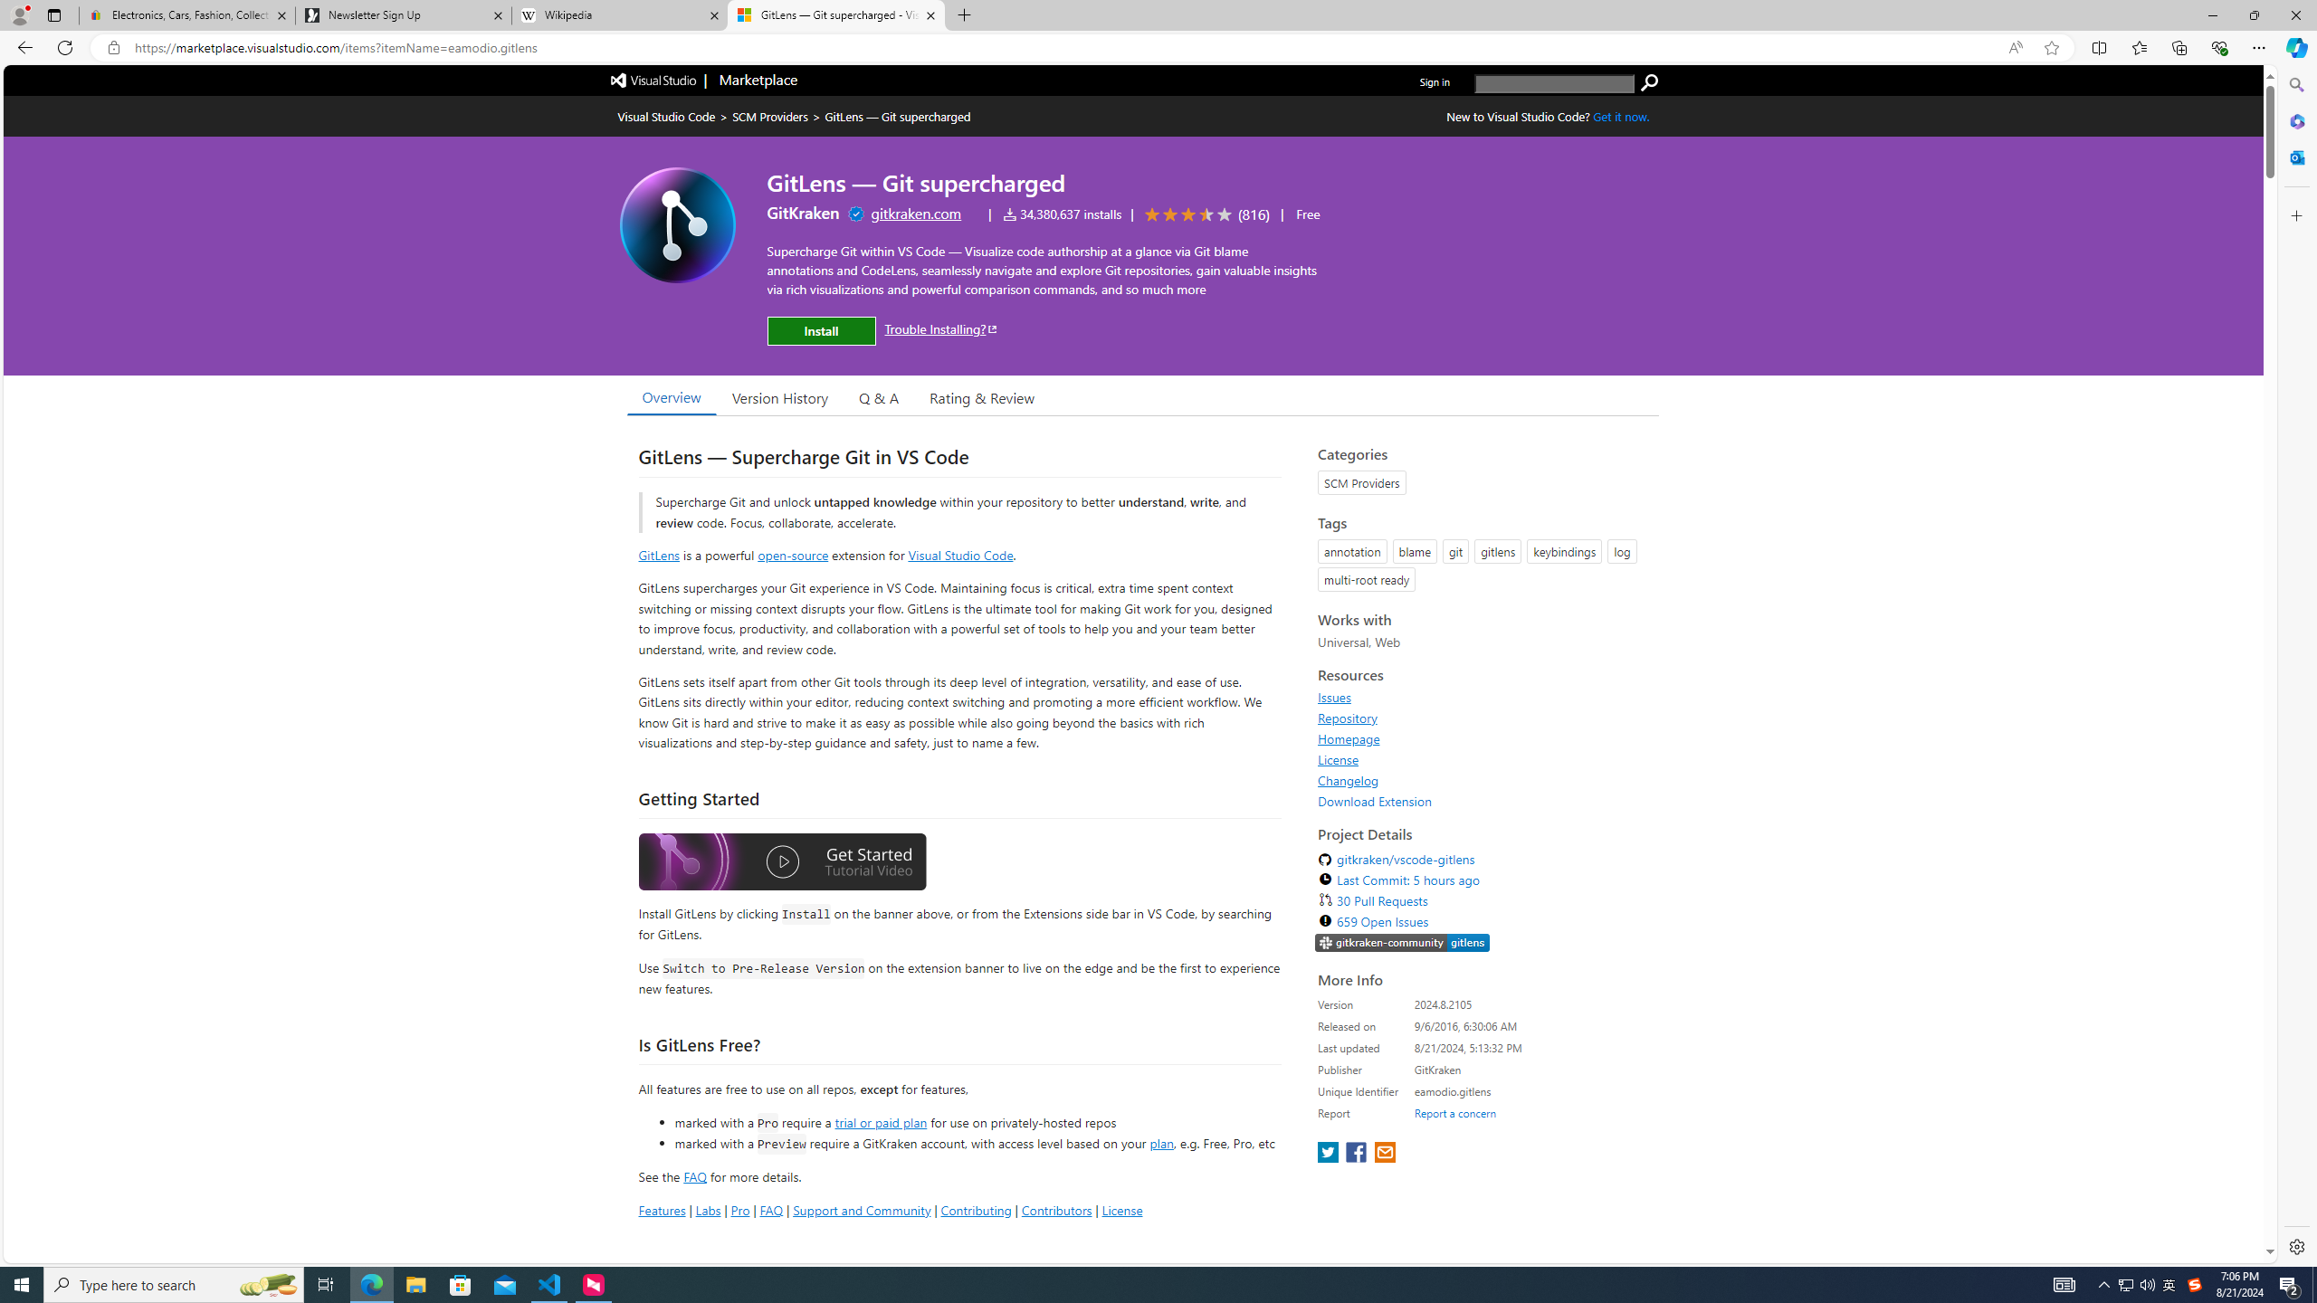 This screenshot has height=1303, width=2317. I want to click on 'https://slack.gitkraken.com//', so click(1402, 944).